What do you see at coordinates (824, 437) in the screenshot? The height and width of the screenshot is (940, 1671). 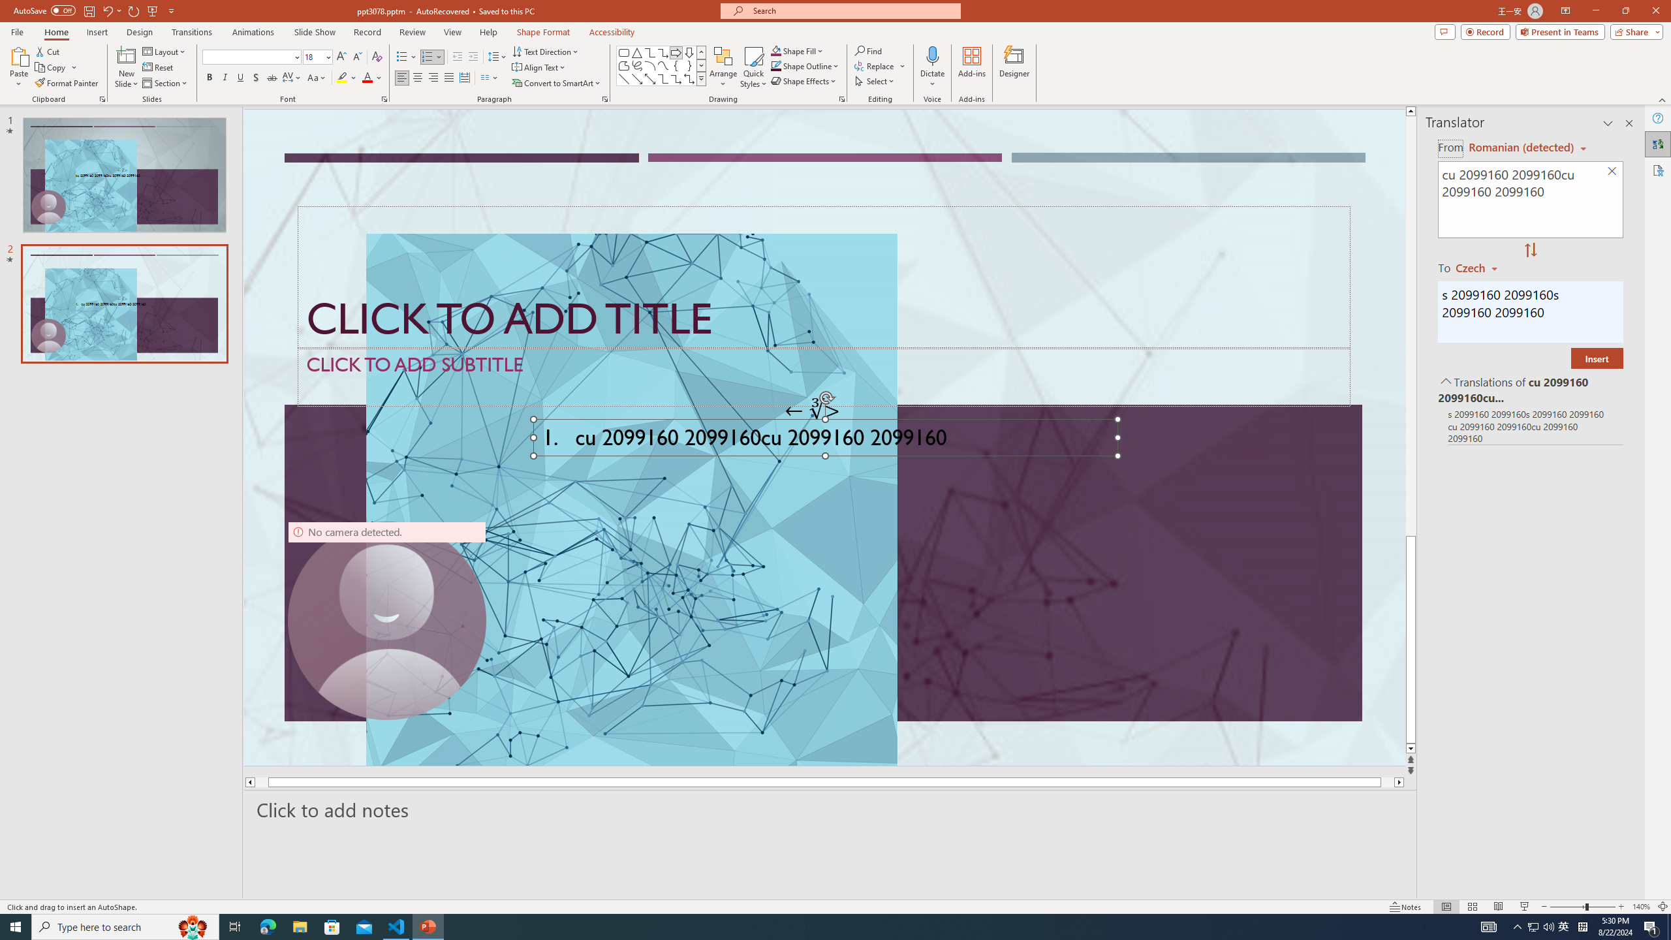 I see `'An abstract genetic concept'` at bounding box center [824, 437].